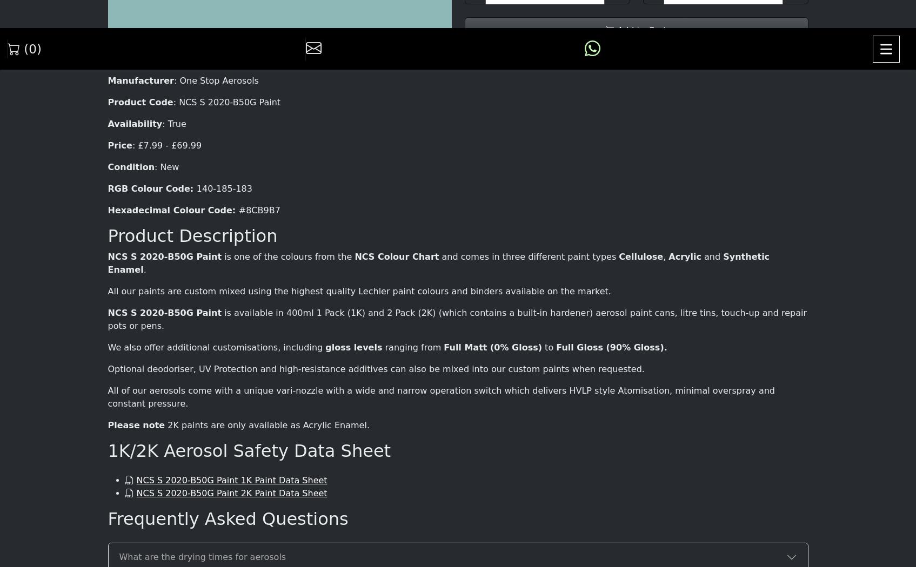  I want to click on 'Friday : 09:00 - 17:00', so click(233, 424).